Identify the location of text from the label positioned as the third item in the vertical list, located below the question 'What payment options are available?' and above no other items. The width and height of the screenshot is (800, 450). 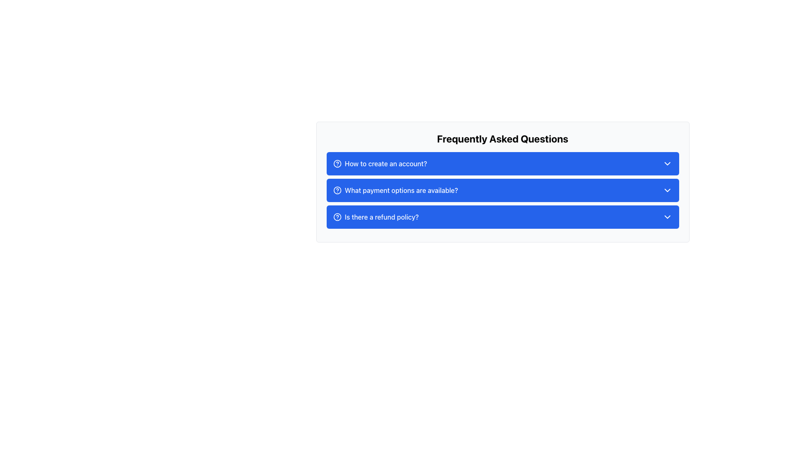
(381, 216).